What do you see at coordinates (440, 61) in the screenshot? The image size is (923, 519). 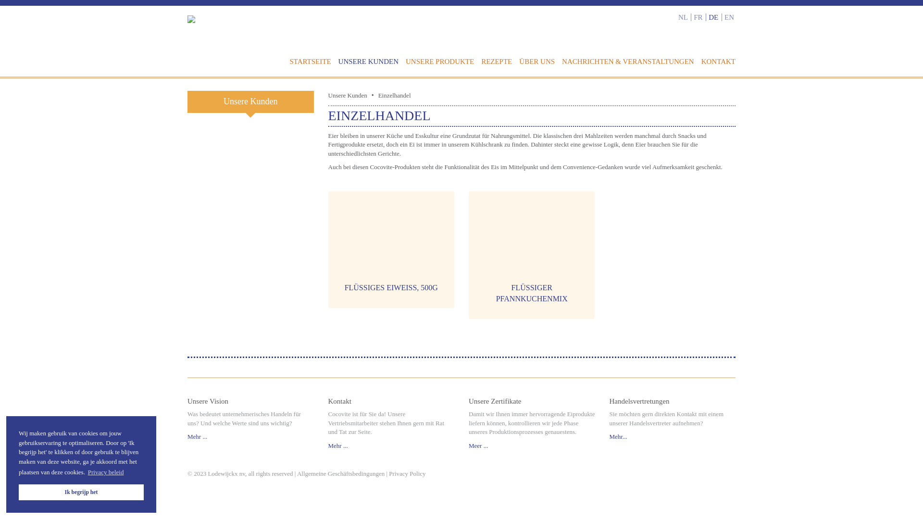 I see `'UNSERE PRODUKTE'` at bounding box center [440, 61].